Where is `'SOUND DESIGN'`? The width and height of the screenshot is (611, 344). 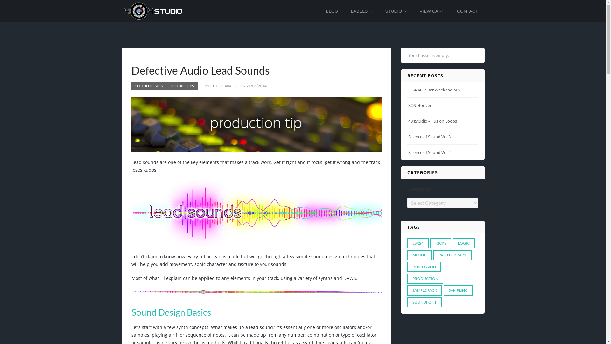 'SOUND DESIGN' is located at coordinates (149, 86).